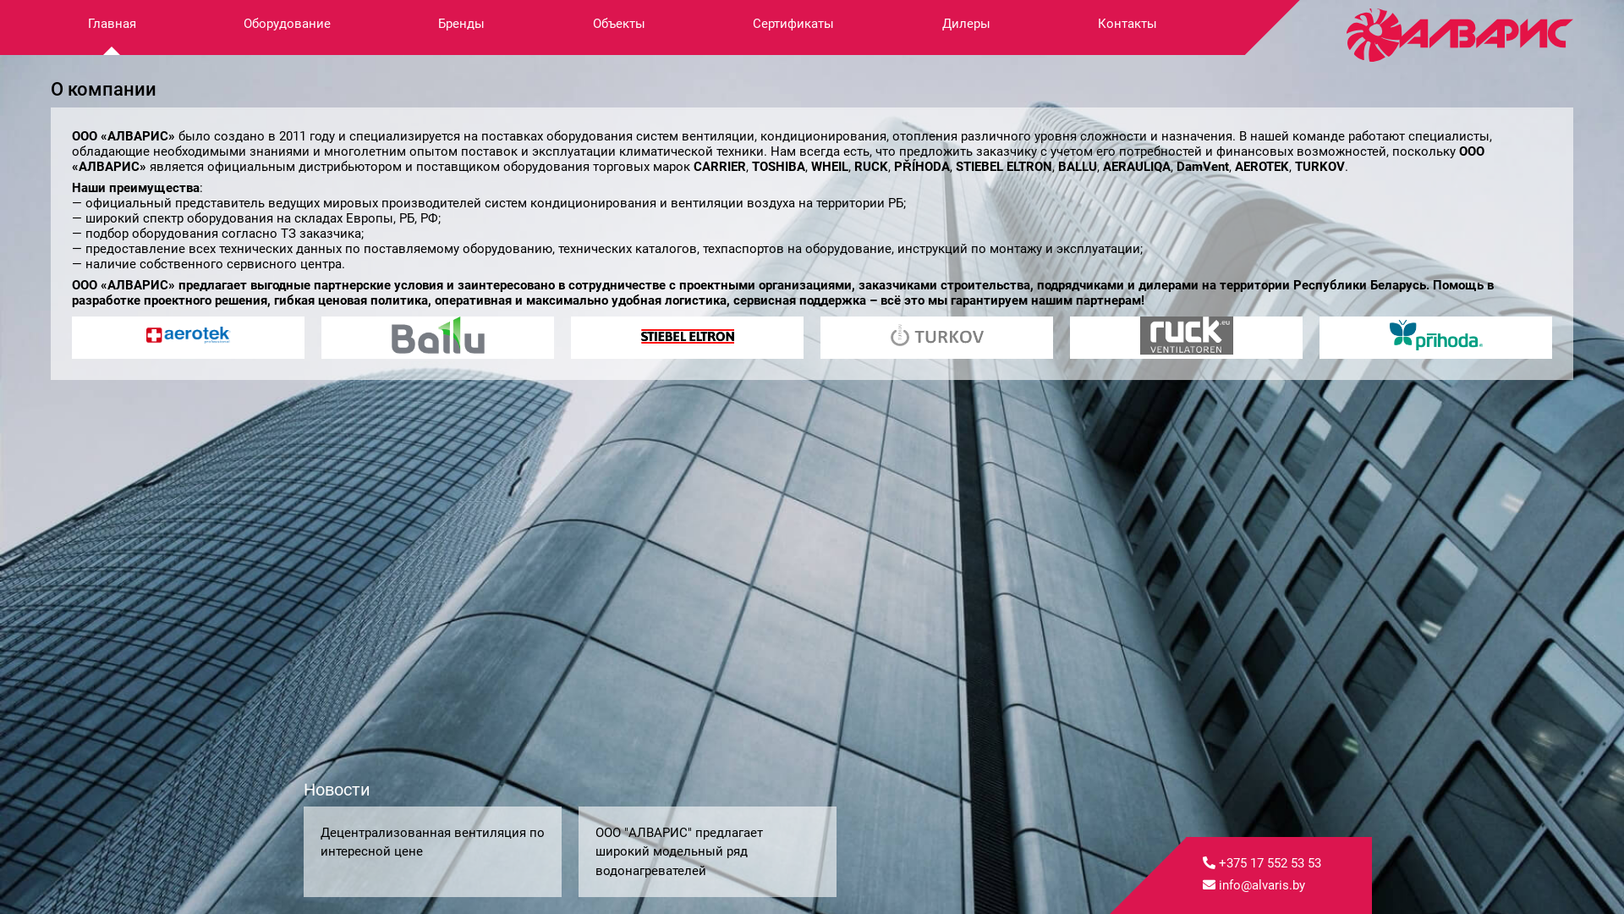 The width and height of the screenshot is (1624, 914). I want to click on 'info@alvaris.by', so click(1279, 884).